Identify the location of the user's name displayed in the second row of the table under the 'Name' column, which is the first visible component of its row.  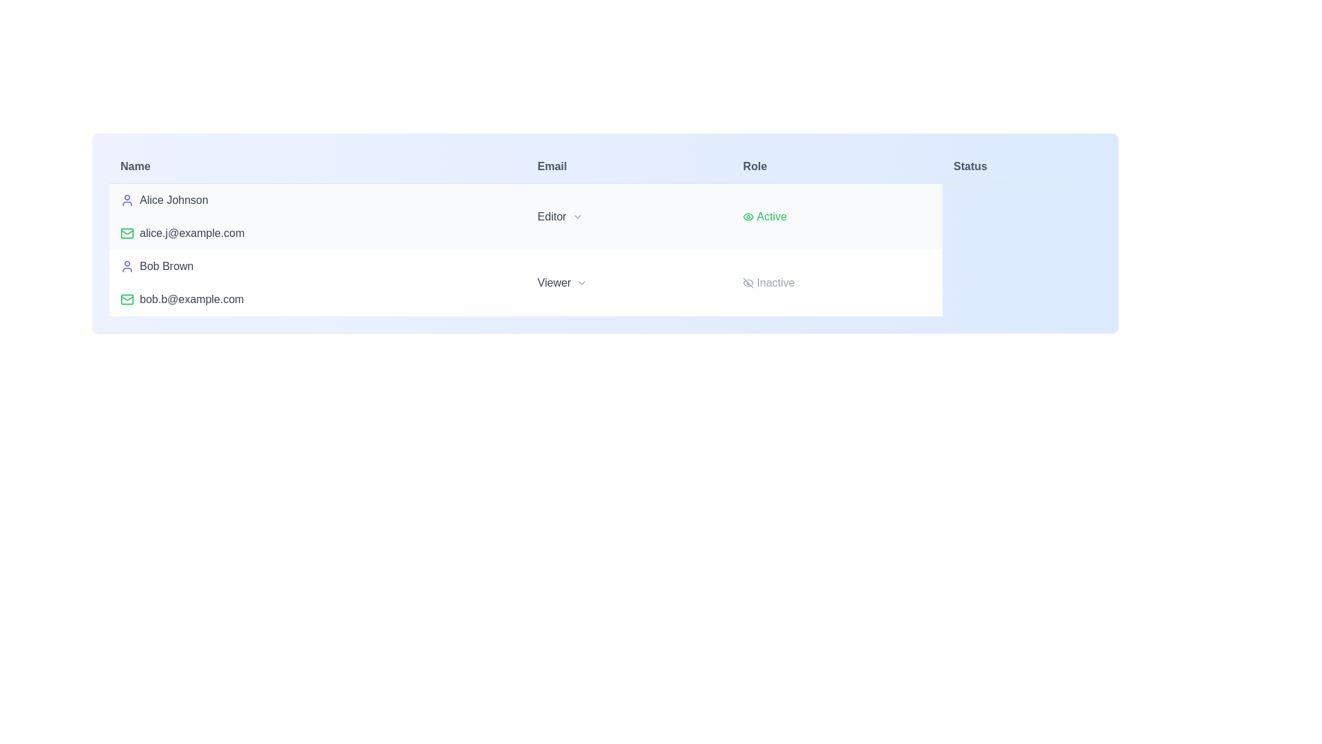
(317, 266).